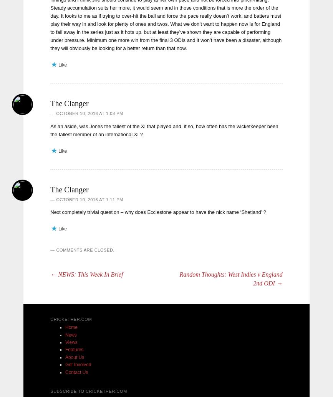 Image resolution: width=333 pixels, height=397 pixels. Describe the element at coordinates (89, 199) in the screenshot. I see `'October 10, 2016 at 1:11 pm'` at that location.